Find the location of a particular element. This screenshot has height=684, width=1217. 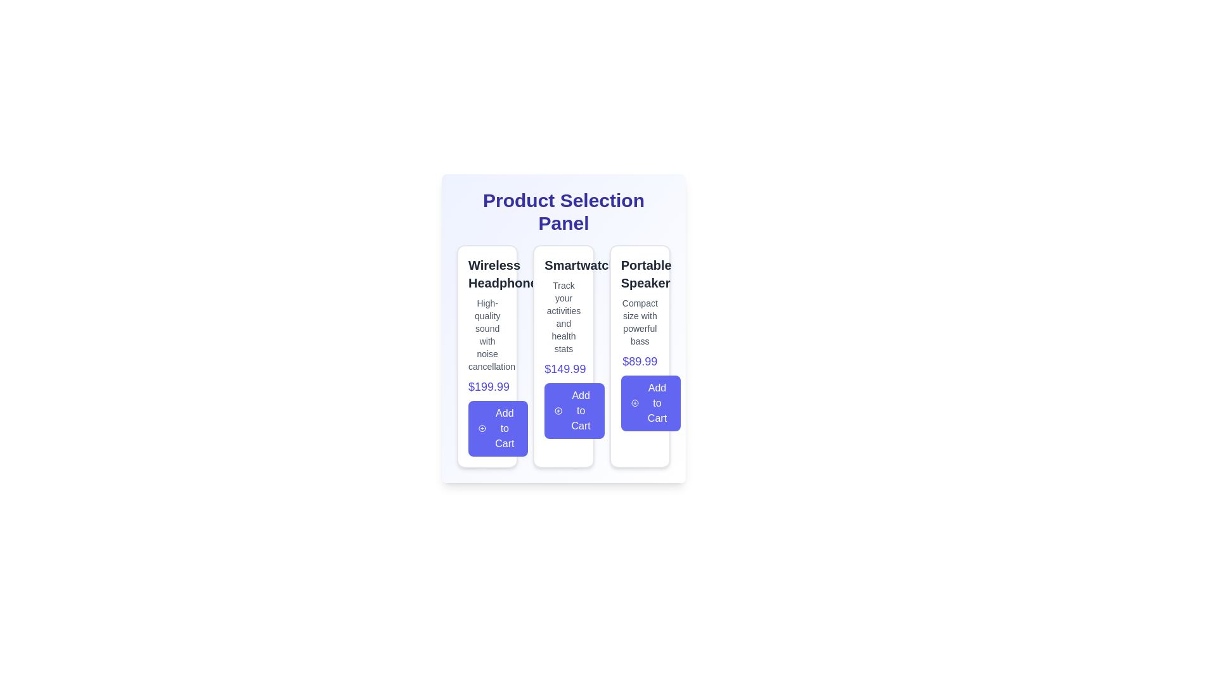

the text label displaying 'Smartwatch' in bold, large-sized dark gray font, centered at the top of the middle product card is located at coordinates (563, 265).